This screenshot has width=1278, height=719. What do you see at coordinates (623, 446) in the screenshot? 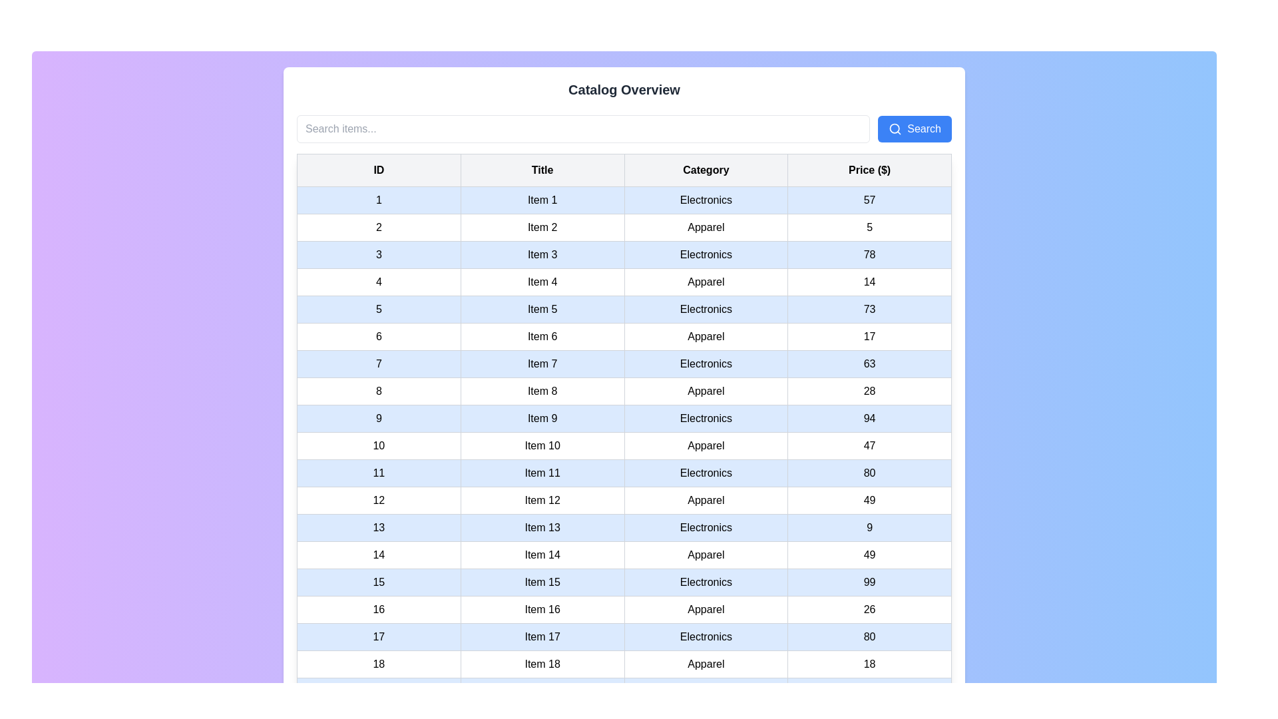
I see `the tenth row in the tabular structure displaying item entry details, which includes ID '10', Title 'Item 10', Category 'Apparel', and Price '47'` at bounding box center [623, 446].